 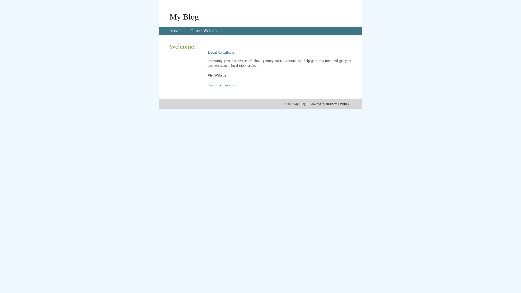 What do you see at coordinates (337, 104) in the screenshot?
I see `'Business Listings'` at bounding box center [337, 104].